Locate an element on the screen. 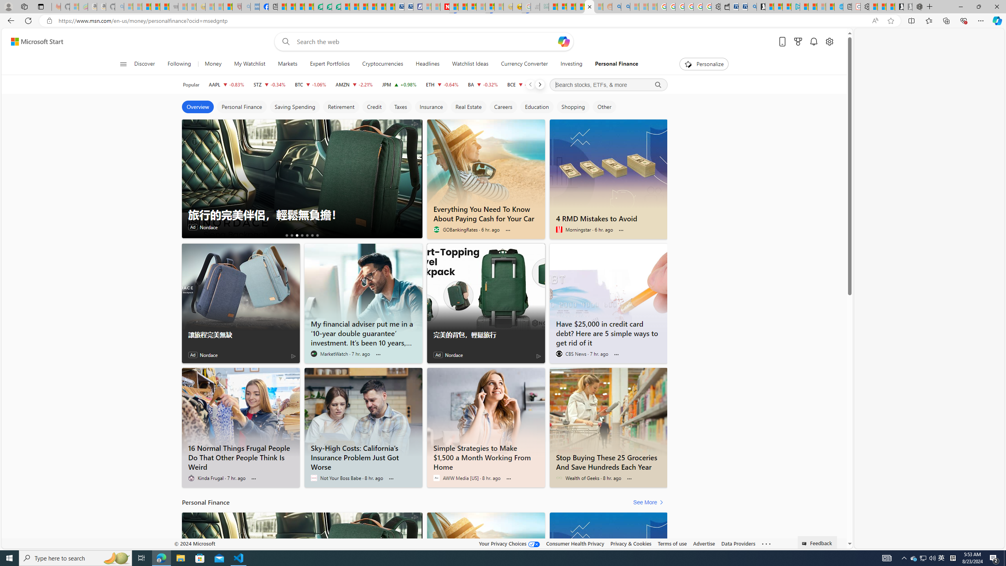  'Previous' is located at coordinates (530, 84).